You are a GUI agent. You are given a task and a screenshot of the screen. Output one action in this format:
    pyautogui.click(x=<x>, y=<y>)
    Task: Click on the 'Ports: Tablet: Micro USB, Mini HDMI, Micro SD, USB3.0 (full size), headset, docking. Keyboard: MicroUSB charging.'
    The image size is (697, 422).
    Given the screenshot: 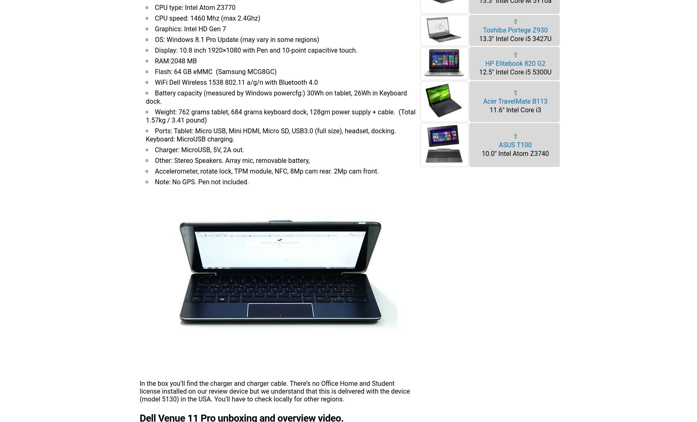 What is the action you would take?
    pyautogui.click(x=271, y=134)
    